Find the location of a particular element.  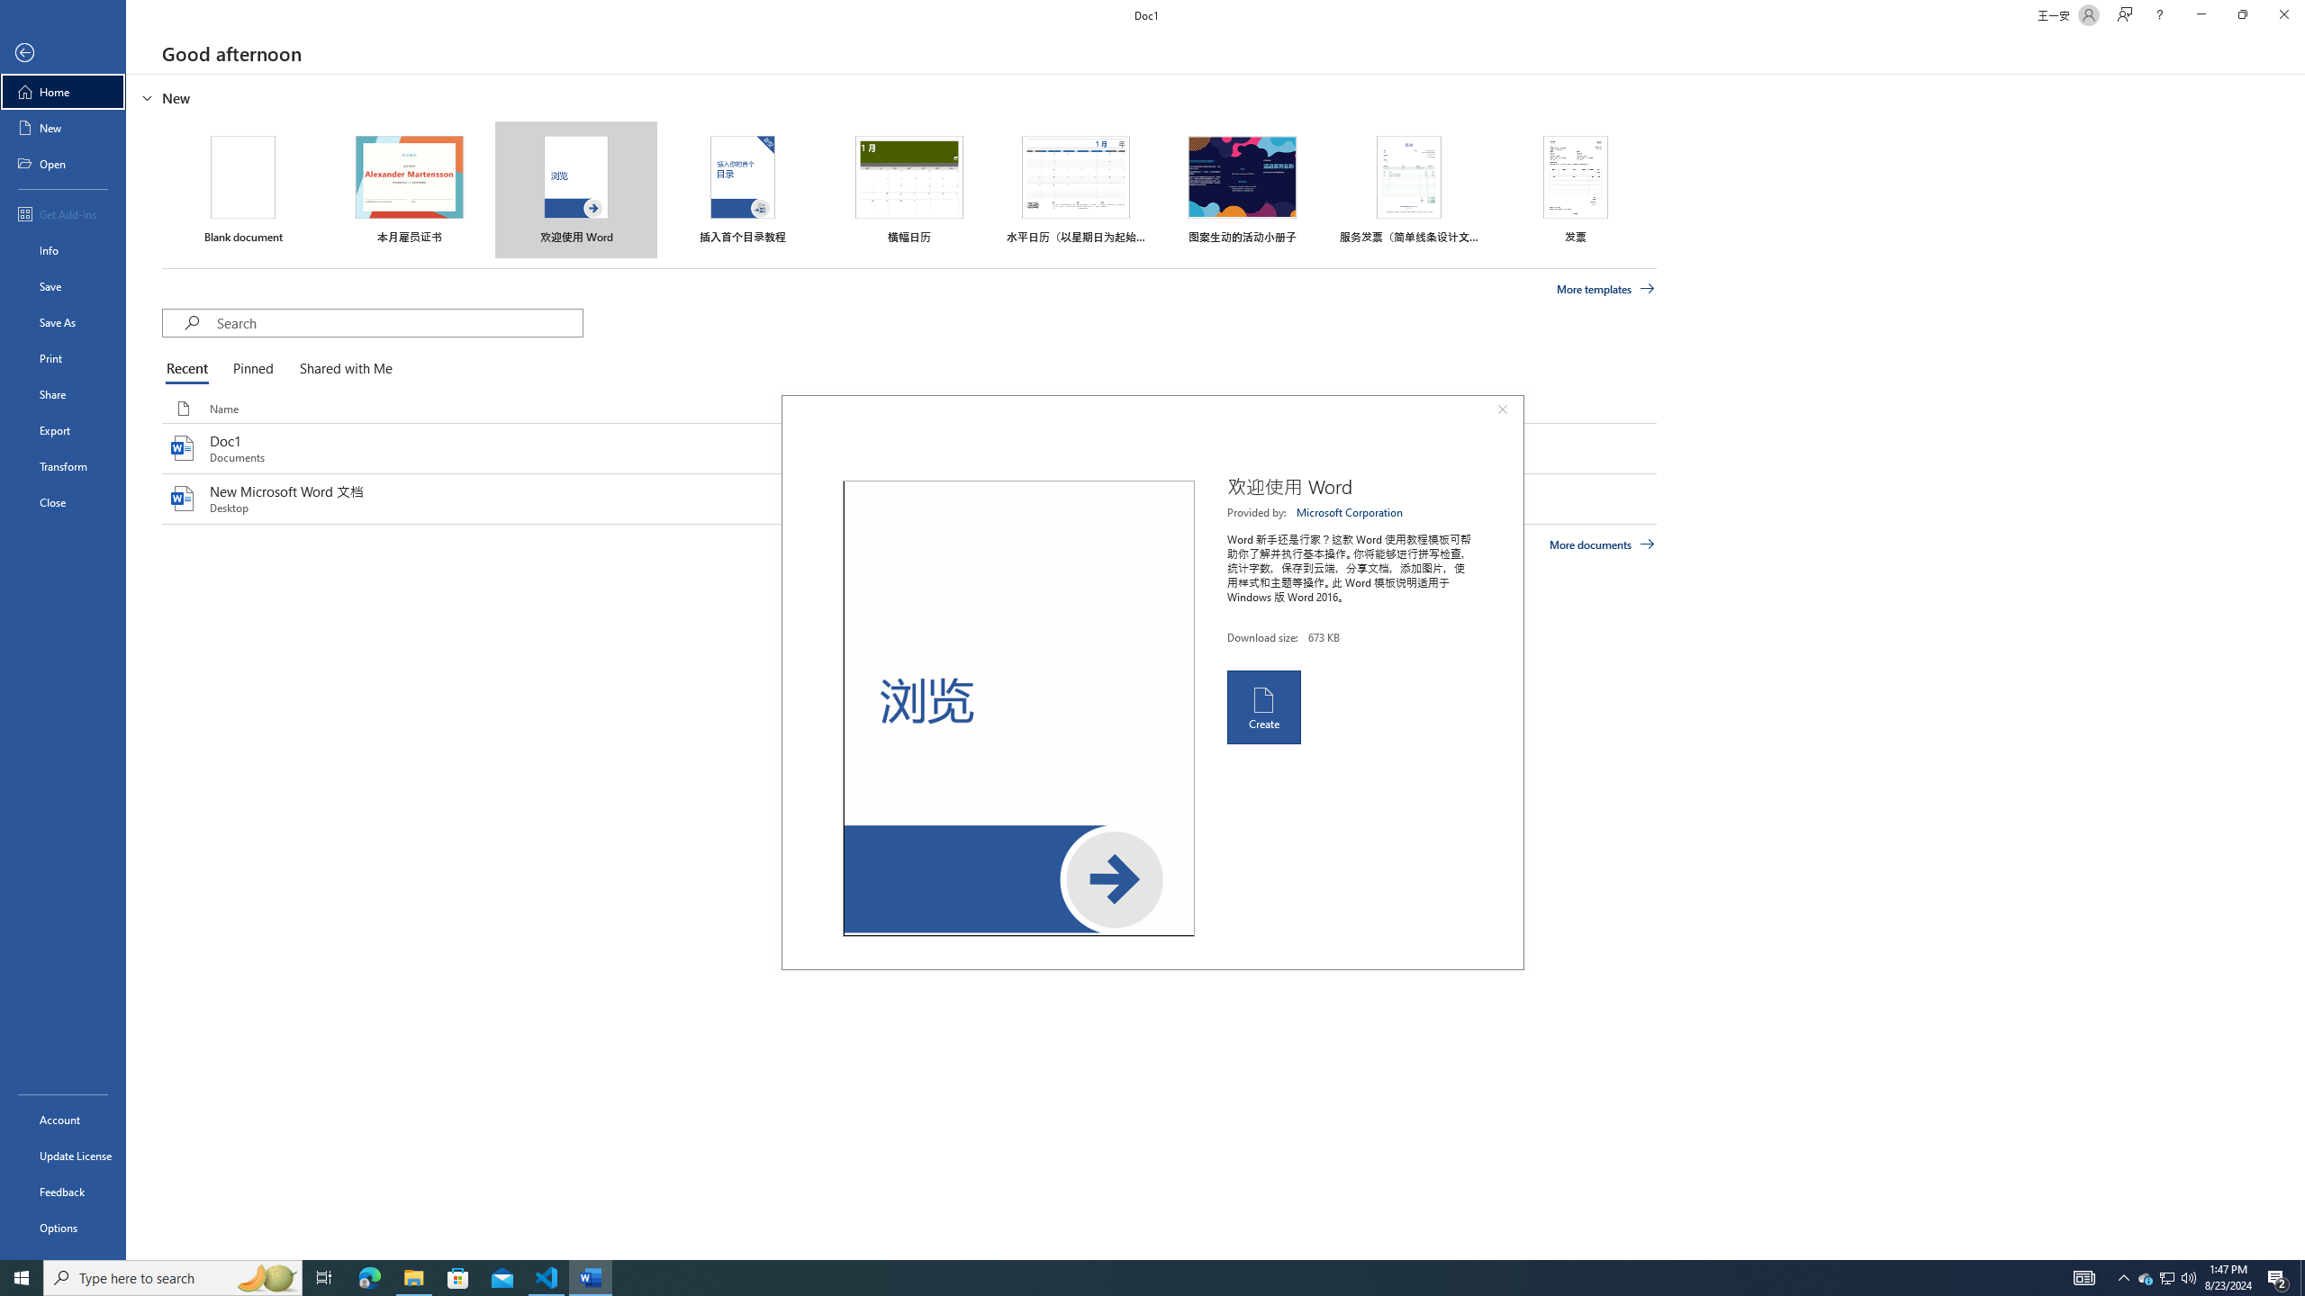

'Feedback' is located at coordinates (62, 1192).